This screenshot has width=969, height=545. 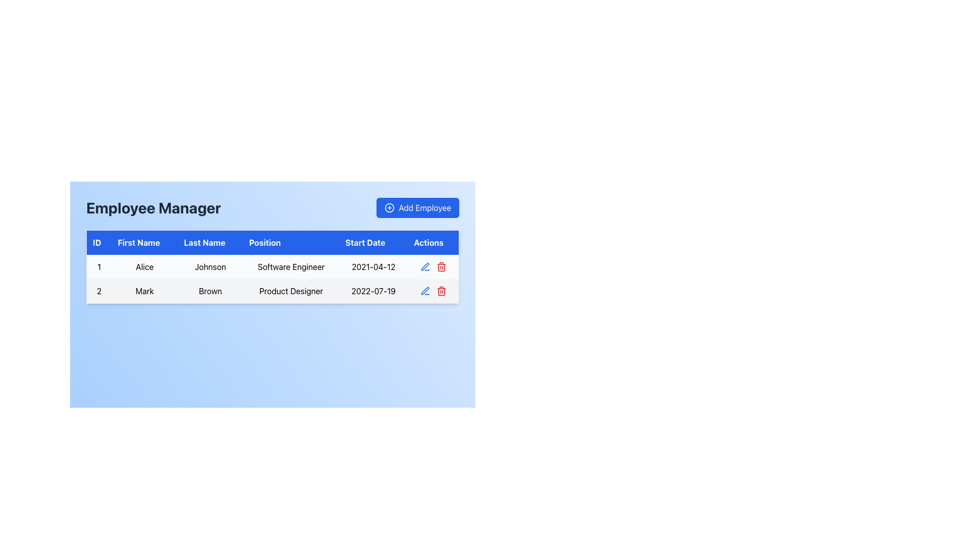 What do you see at coordinates (441, 291) in the screenshot?
I see `the red trash bin icon button in the 'Actions' column of the second row in the 'Employee Manager' table` at bounding box center [441, 291].